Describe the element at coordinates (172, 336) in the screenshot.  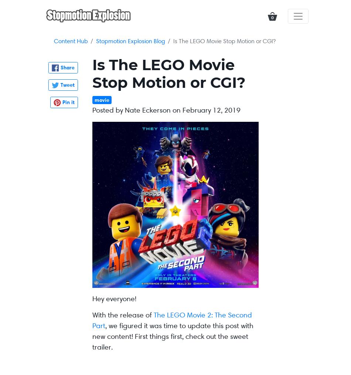
I see `', we figured it was time to update this post with new content! First things first, check out the sweet trailer.'` at that location.